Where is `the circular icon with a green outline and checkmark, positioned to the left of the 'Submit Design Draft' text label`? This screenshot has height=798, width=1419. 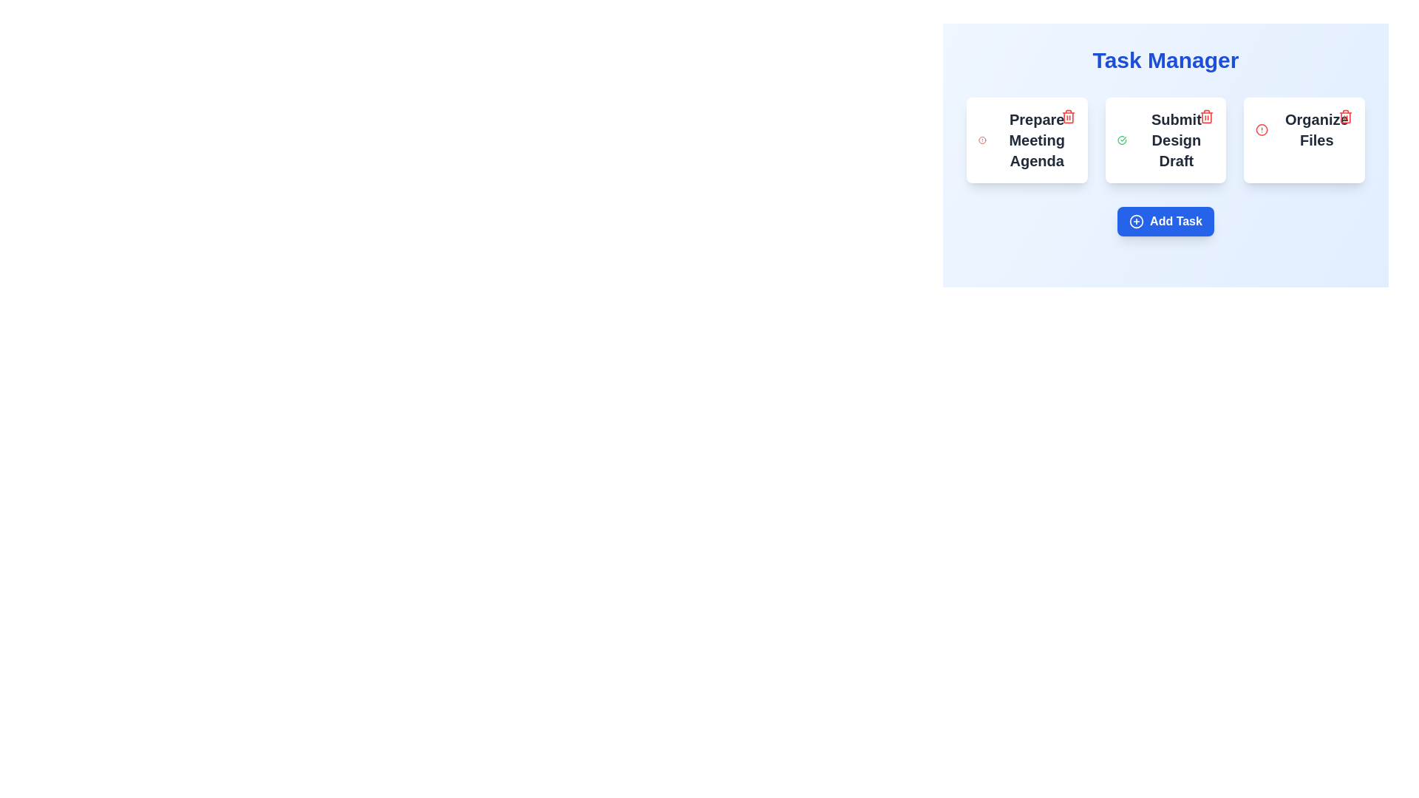 the circular icon with a green outline and checkmark, positioned to the left of the 'Submit Design Draft' text label is located at coordinates (1122, 140).